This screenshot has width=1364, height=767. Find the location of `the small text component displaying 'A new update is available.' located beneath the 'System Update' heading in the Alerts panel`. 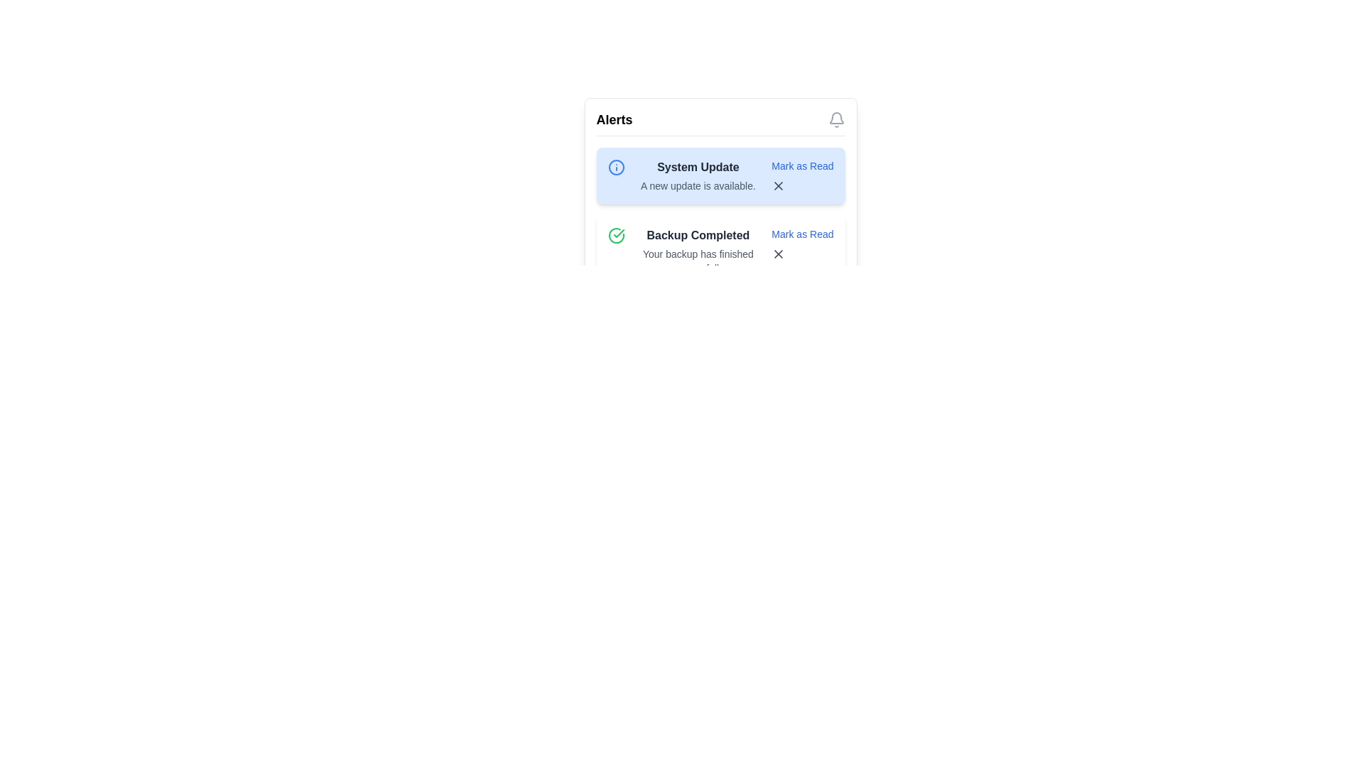

the small text component displaying 'A new update is available.' located beneath the 'System Update' heading in the Alerts panel is located at coordinates (698, 185).